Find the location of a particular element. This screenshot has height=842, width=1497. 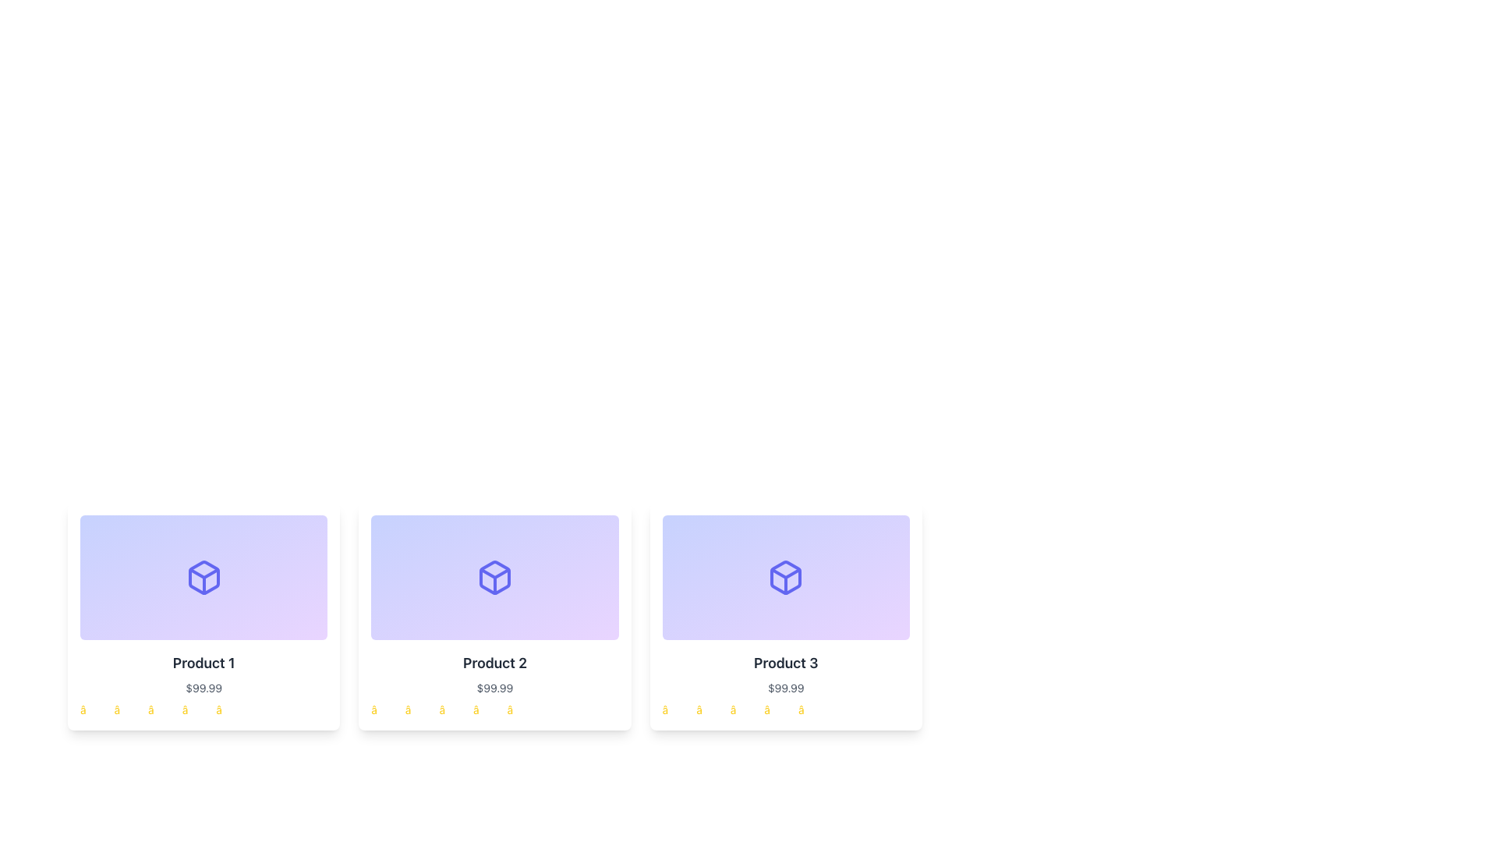

the title text label located in the middle of the first card of a three-card layout is located at coordinates (203, 663).